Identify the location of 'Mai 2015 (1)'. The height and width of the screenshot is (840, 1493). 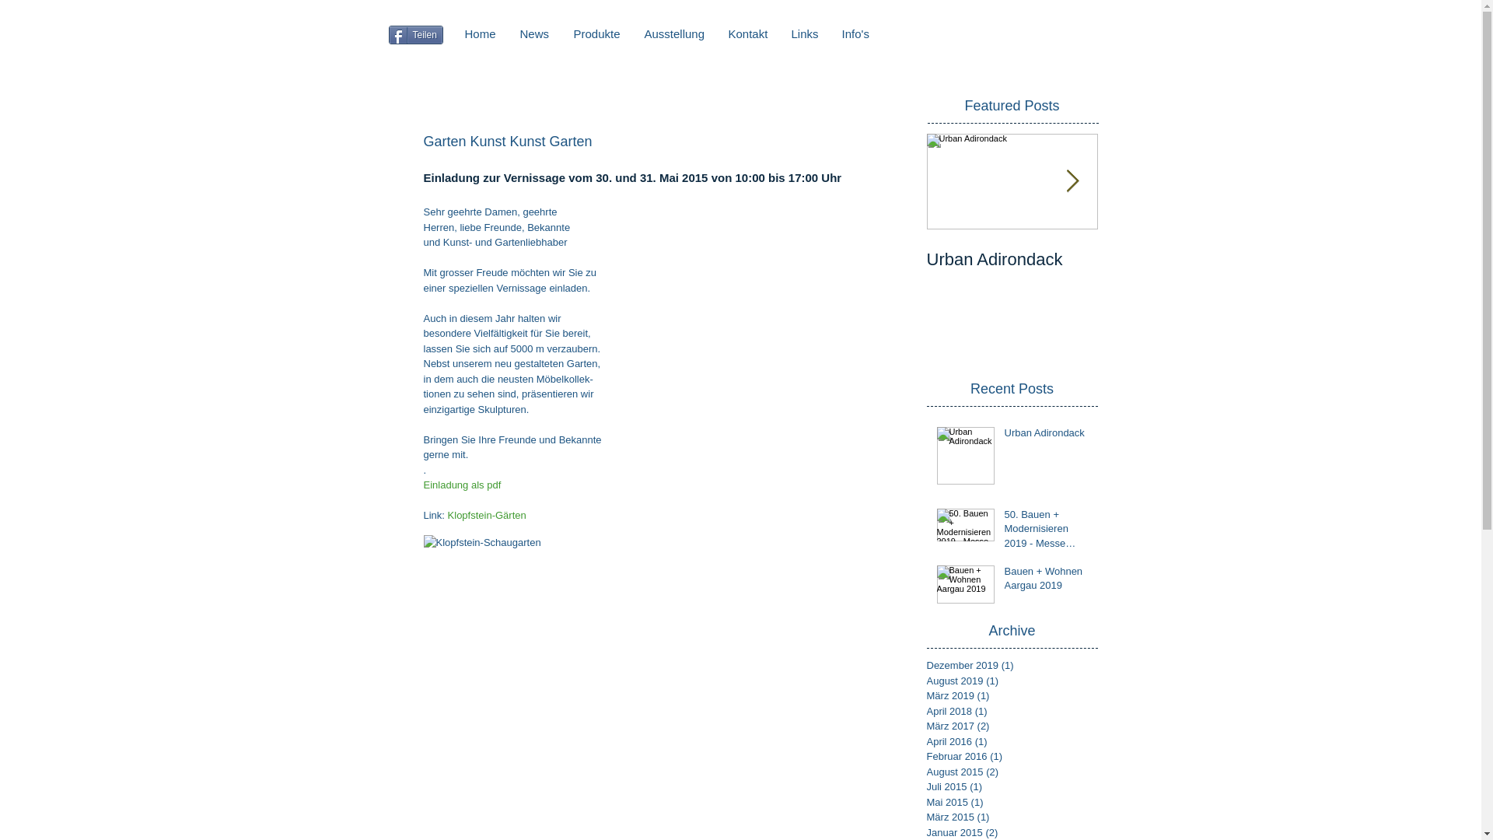
(926, 803).